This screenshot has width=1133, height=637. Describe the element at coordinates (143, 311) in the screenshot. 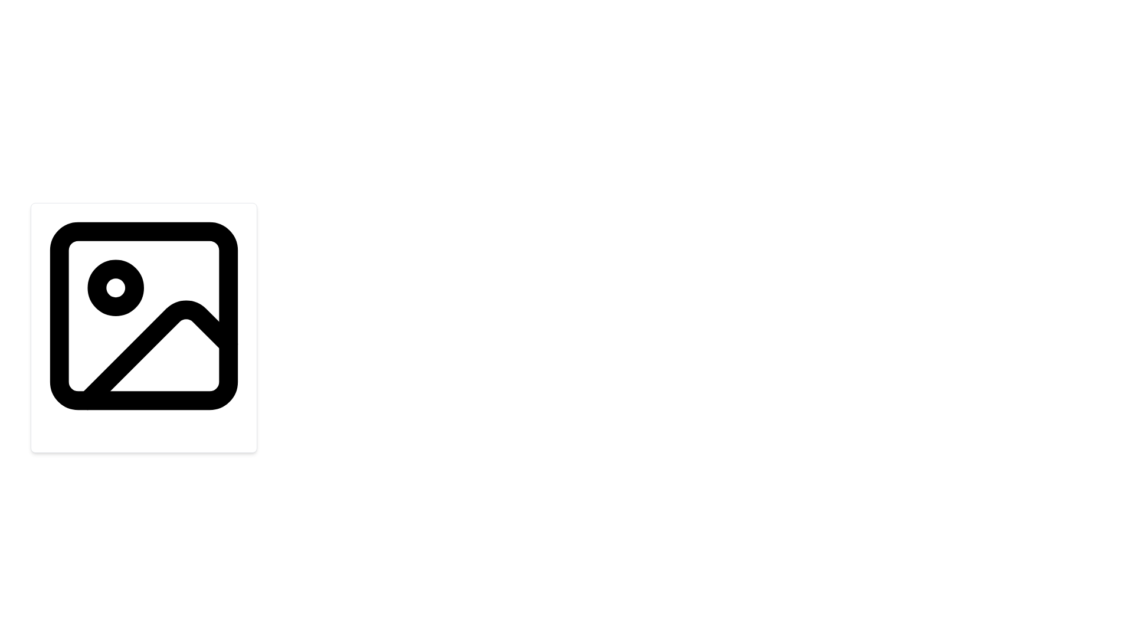

I see `the decorative circle element, which represents the head component of the user icon, located at the upper part of the profile illustration` at that location.